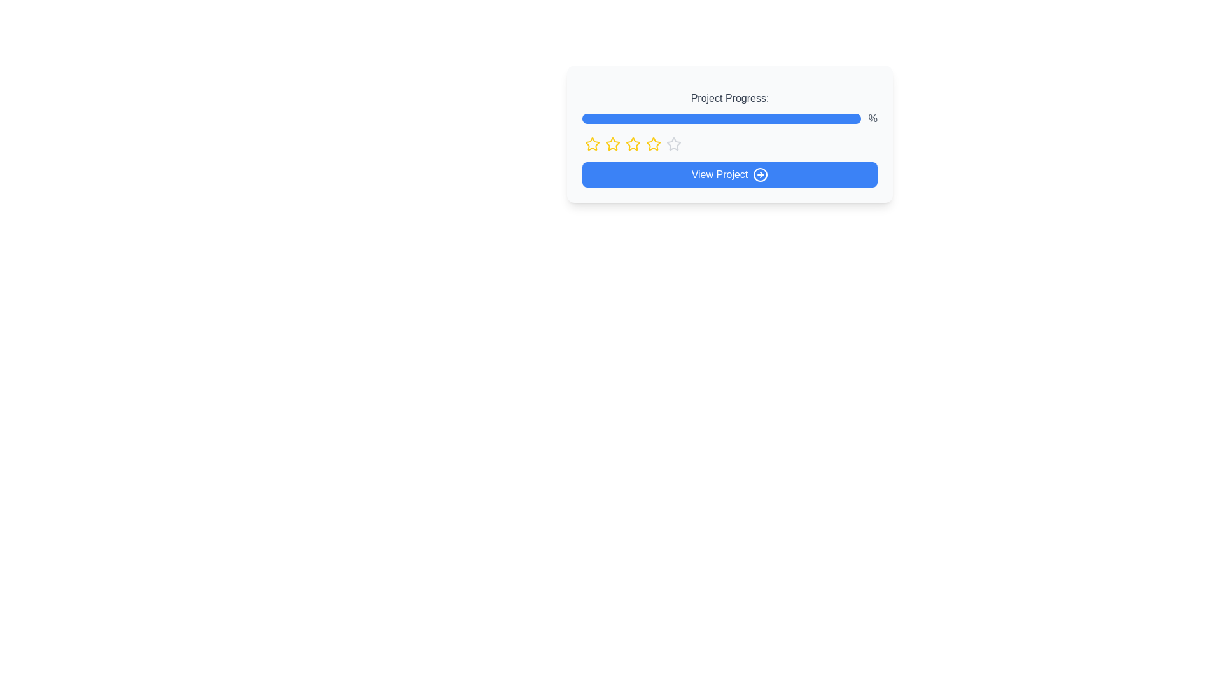 Image resolution: width=1222 pixels, height=687 pixels. What do you see at coordinates (741, 118) in the screenshot?
I see `progress` at bounding box center [741, 118].